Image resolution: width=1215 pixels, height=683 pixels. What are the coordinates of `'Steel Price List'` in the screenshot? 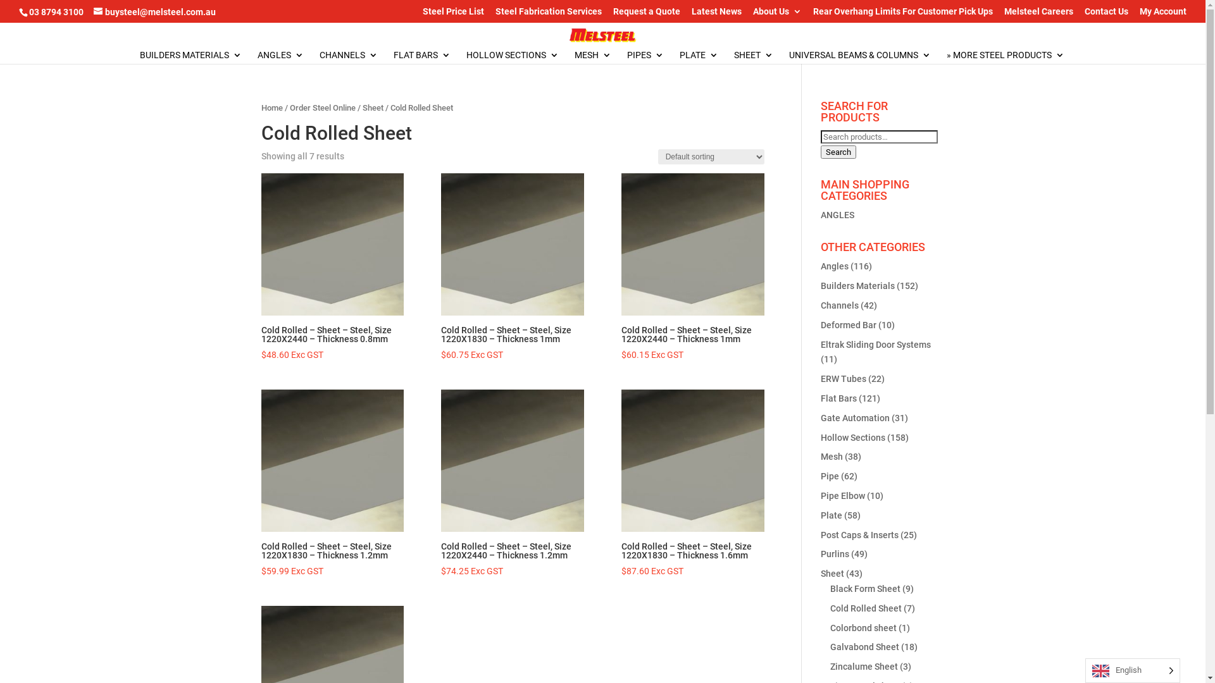 It's located at (453, 14).